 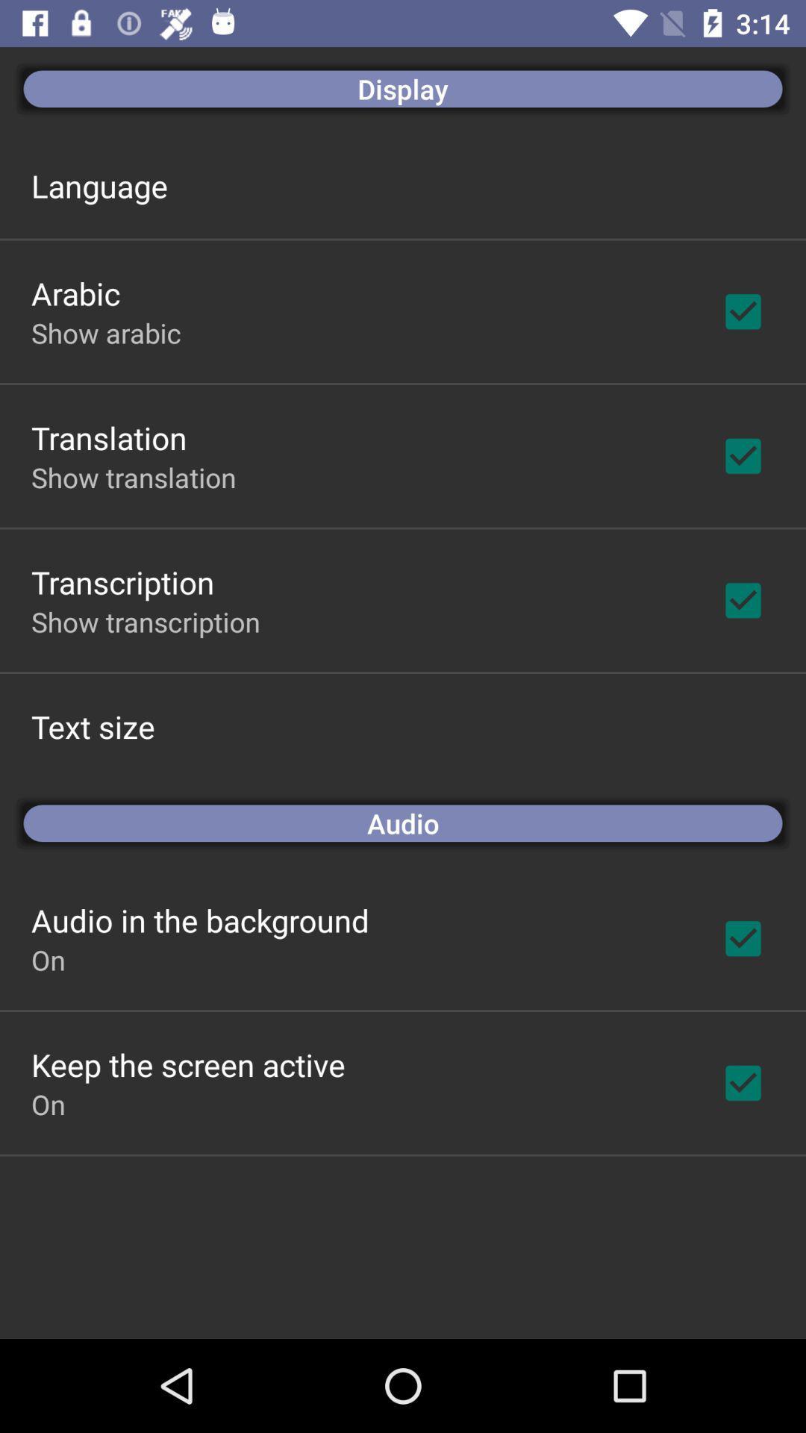 What do you see at coordinates (146, 622) in the screenshot?
I see `the item below the transcription icon` at bounding box center [146, 622].